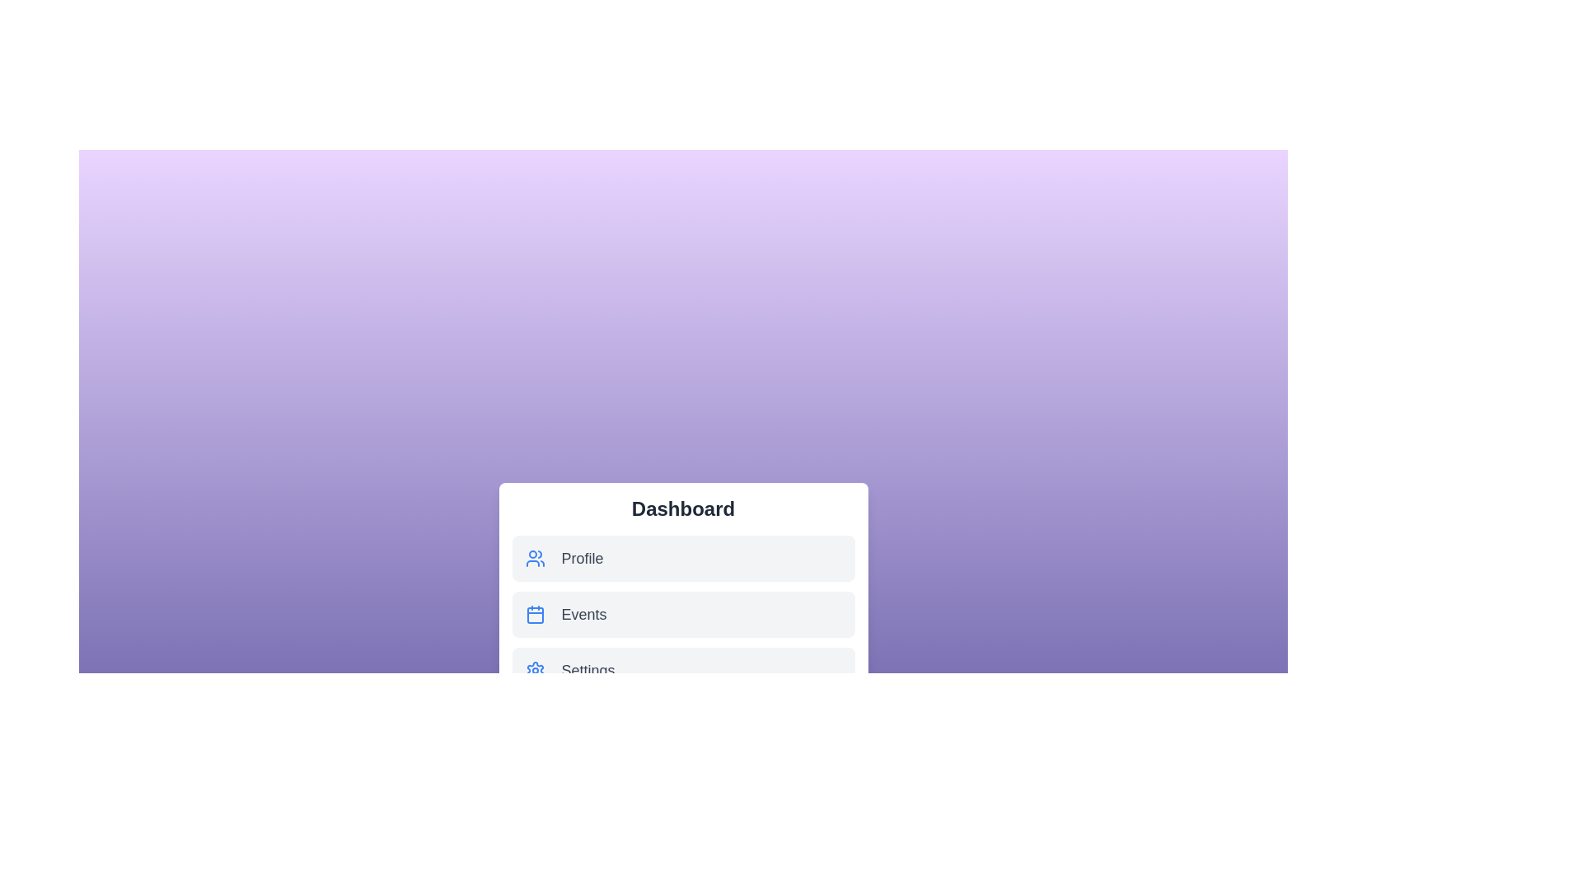 Image resolution: width=1582 pixels, height=890 pixels. What do you see at coordinates (683, 594) in the screenshot?
I see `the Card Component with a white background and gray shadows, featuring a bold title 'Dashboard' at the top` at bounding box center [683, 594].